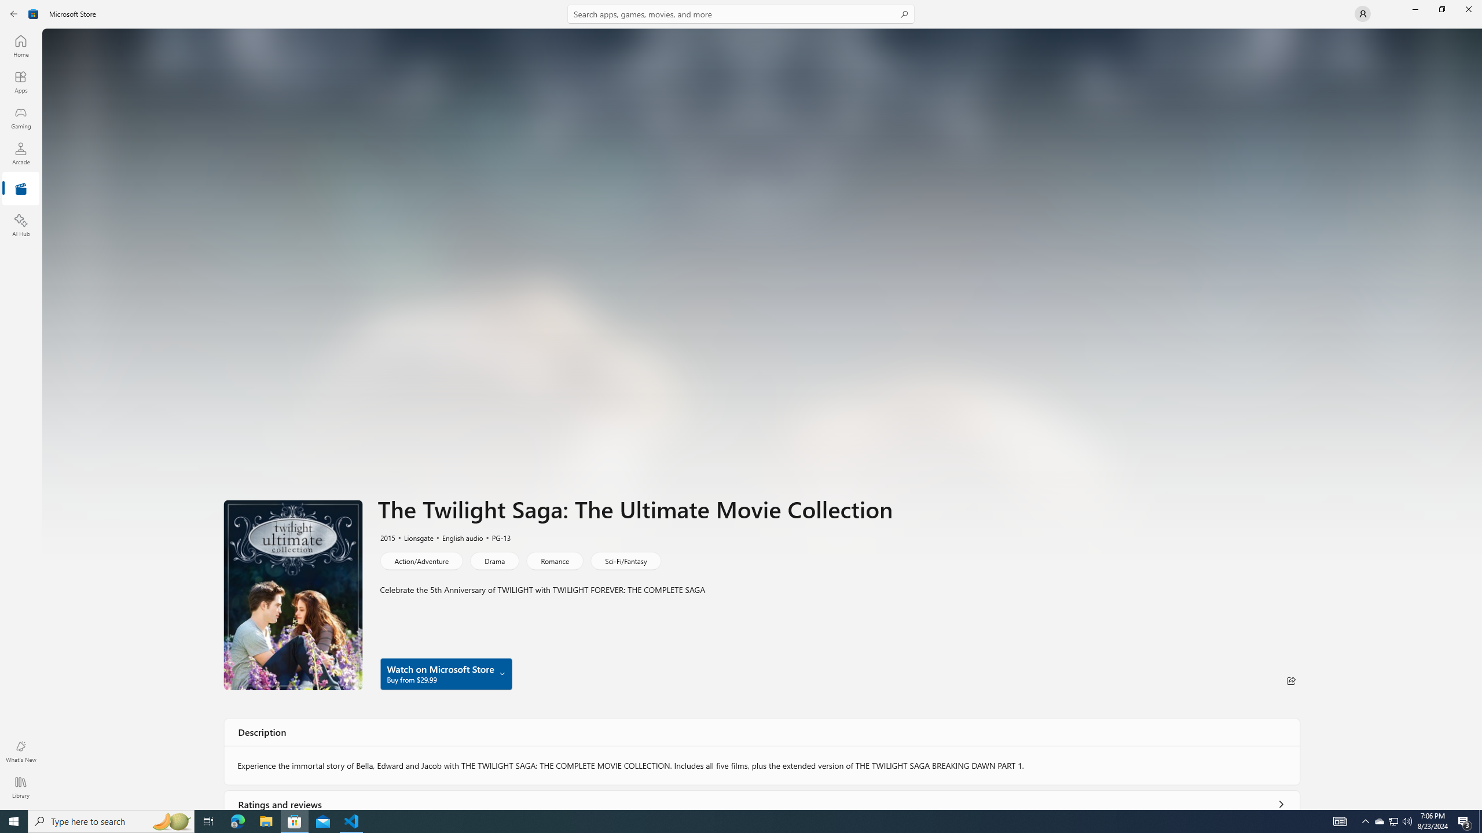 The width and height of the screenshot is (1482, 833). I want to click on 'Show all ratings and reviews', so click(1281, 802).